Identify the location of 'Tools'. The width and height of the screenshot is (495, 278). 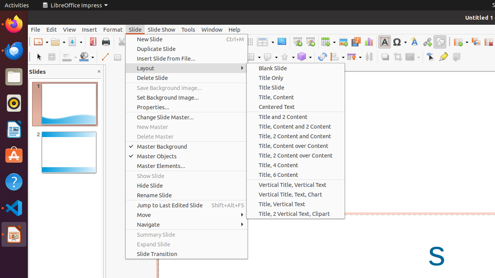
(188, 29).